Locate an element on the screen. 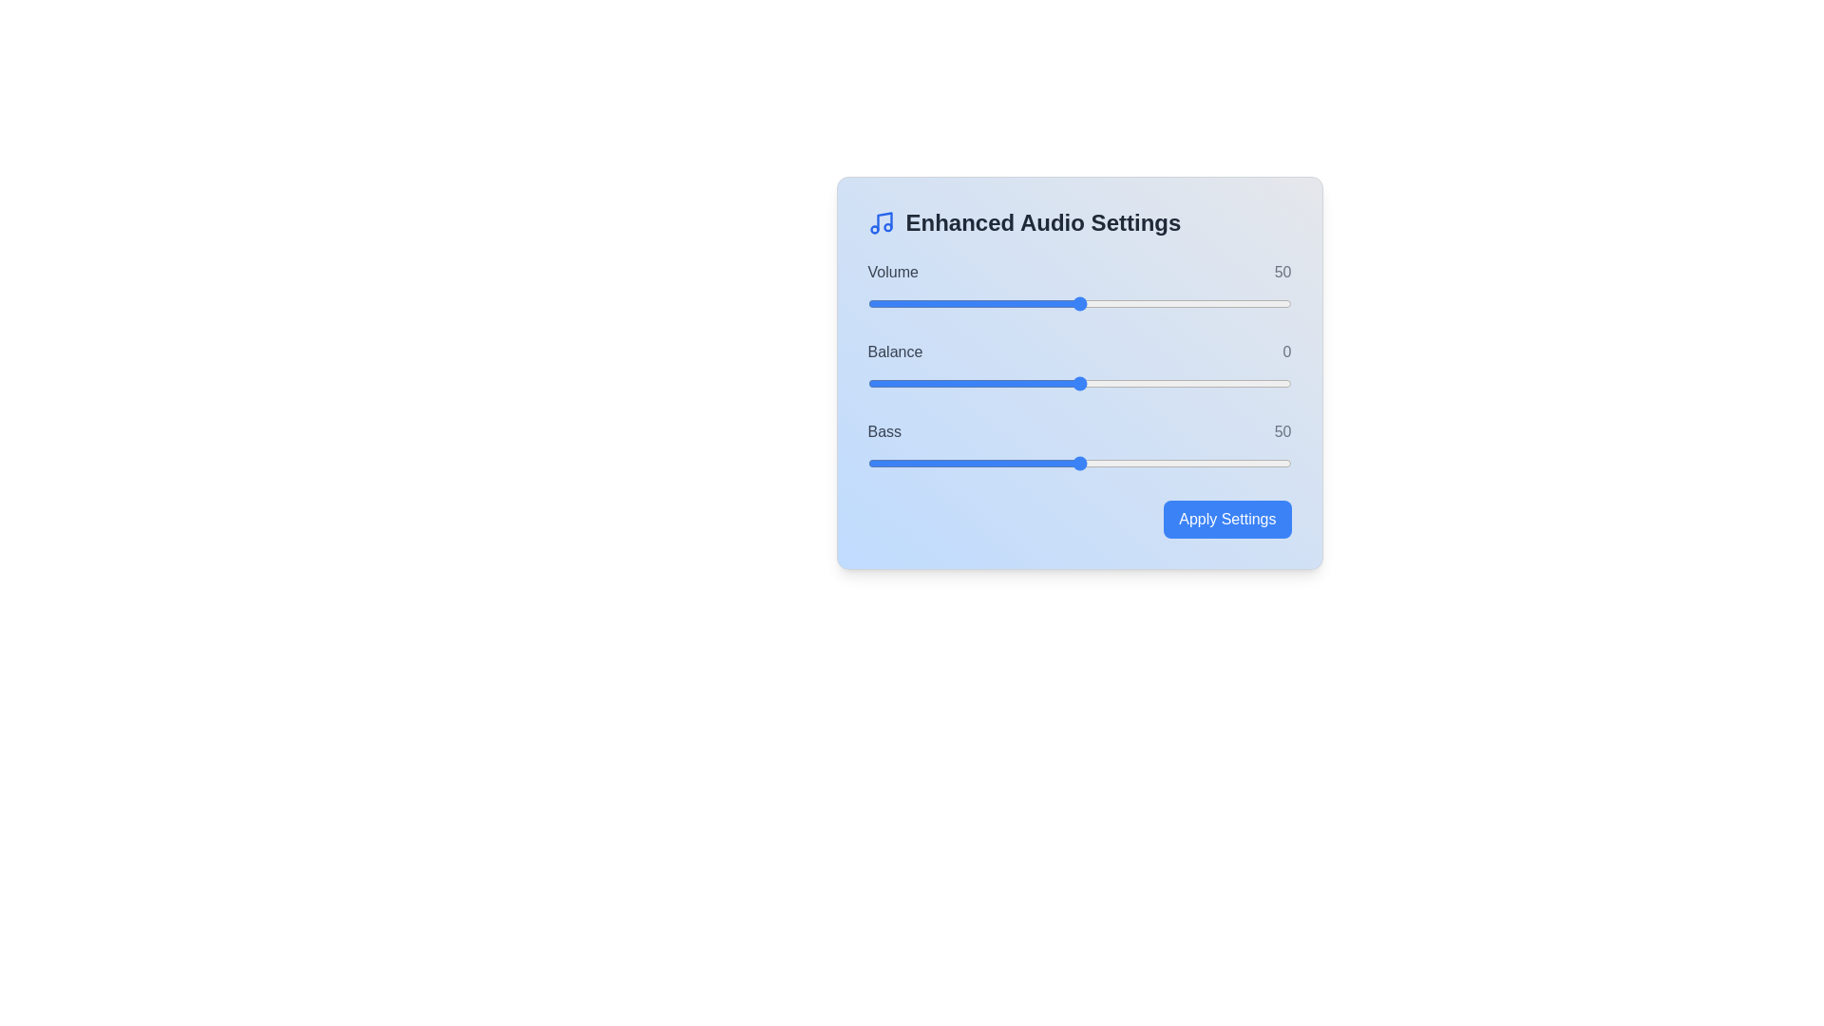 The width and height of the screenshot is (1824, 1026). the bass slider to 57 percent is located at coordinates (1109, 464).